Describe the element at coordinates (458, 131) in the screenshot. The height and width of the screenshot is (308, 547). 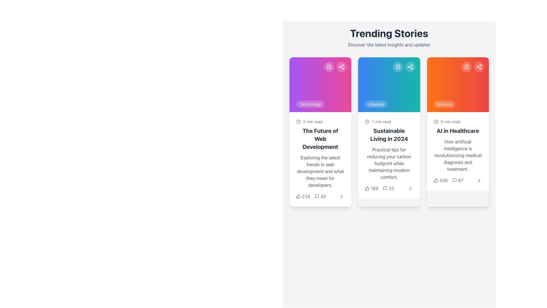
I see `title text label located at the top of the description section of the last card in the 'Trending Stories' list, which summarizes the topic of the article` at that location.